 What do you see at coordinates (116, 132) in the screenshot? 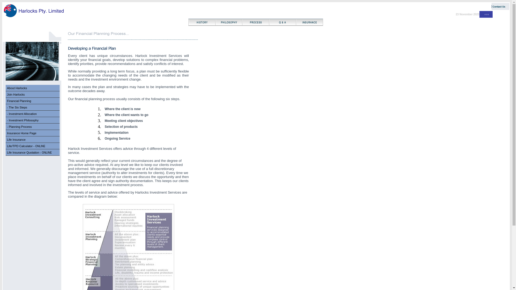
I see `'Implementation'` at bounding box center [116, 132].